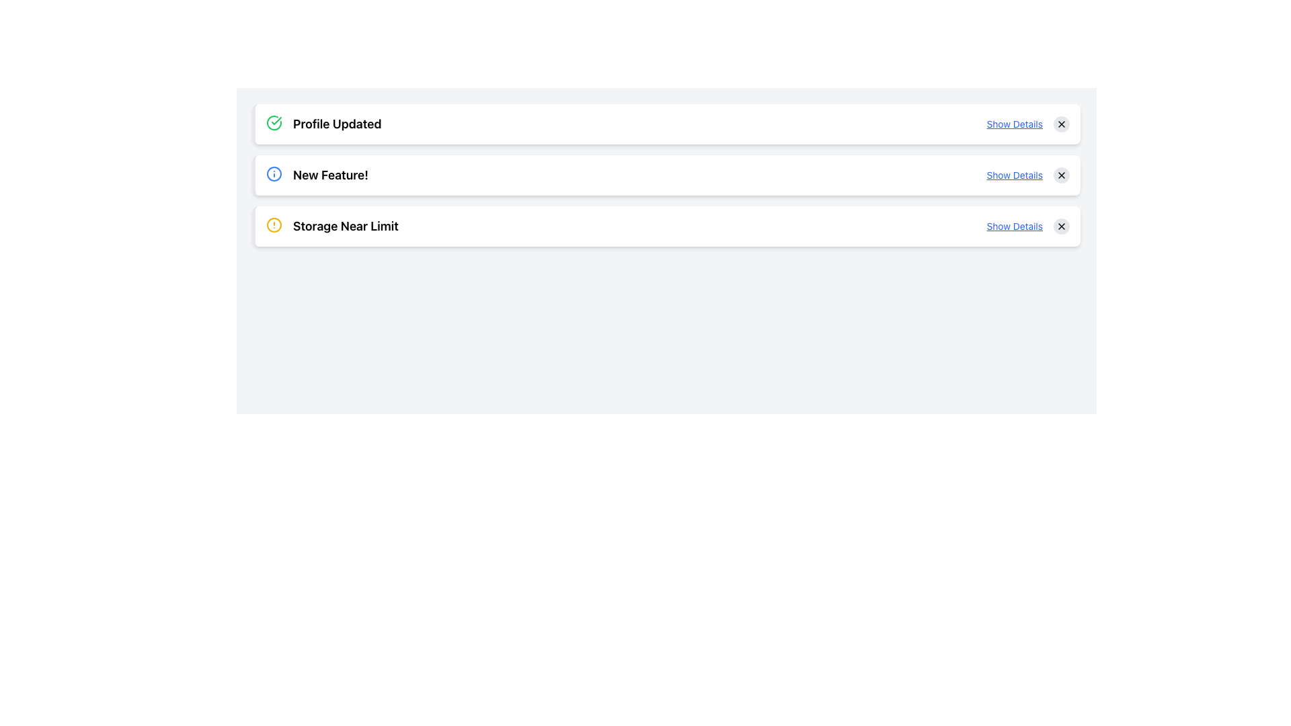  Describe the element at coordinates (276, 121) in the screenshot. I see `the success icon located to the left of the 'Profile Updated' notification, which is the first of three vertically stacked notifications` at that location.